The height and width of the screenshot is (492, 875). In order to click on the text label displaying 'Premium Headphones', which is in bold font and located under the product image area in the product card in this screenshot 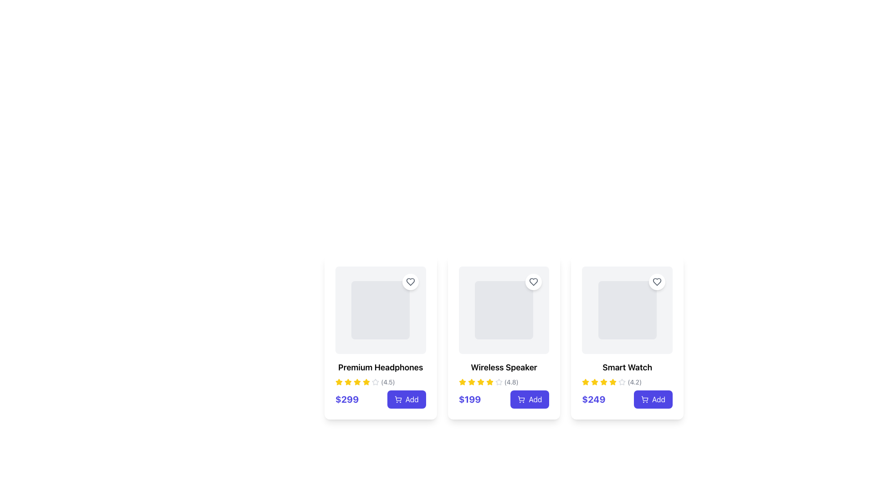, I will do `click(381, 367)`.